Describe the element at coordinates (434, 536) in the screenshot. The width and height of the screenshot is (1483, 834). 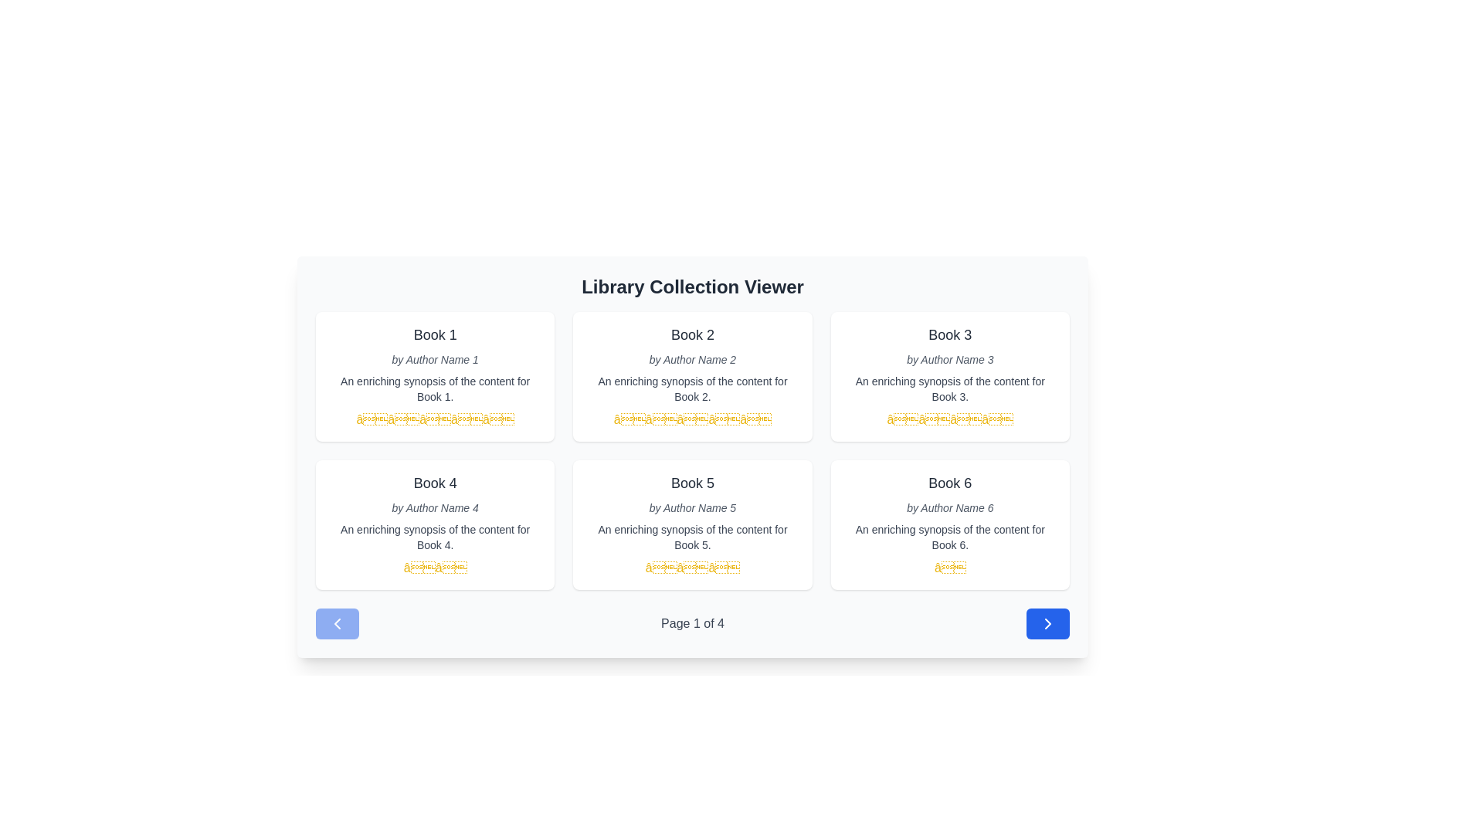
I see `the text display containing the sentence 'An enriching synopsis of the content for Book 4', located beneath the author's name and above the rating stars in the card for 'Book 4'` at that location.